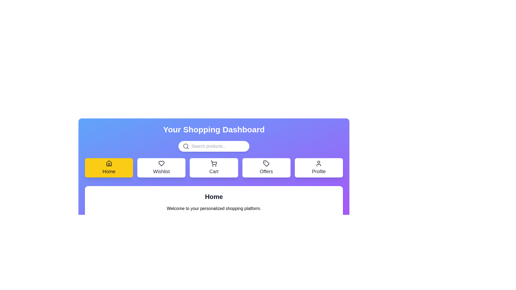  Describe the element at coordinates (214, 167) in the screenshot. I see `the third navigation button in the row, which is located between 'Wishlist' and 'Offers'` at that location.